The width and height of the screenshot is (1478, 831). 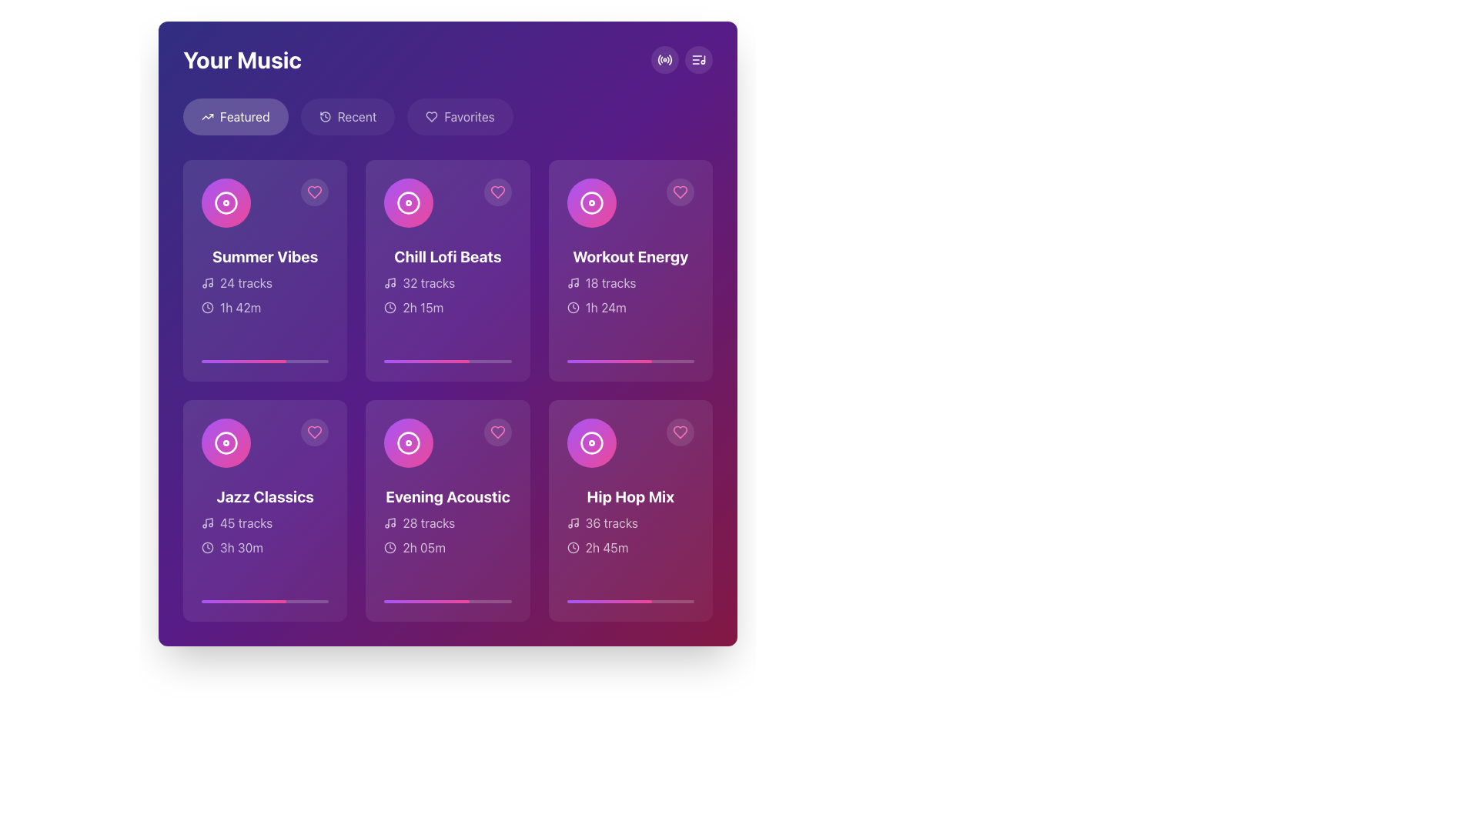 What do you see at coordinates (243, 362) in the screenshot?
I see `the horizontal progress bar styled with a gradient from purple to pink, located within the first card of the 'Your Music' grid layout, positioned below the card's title and description` at bounding box center [243, 362].